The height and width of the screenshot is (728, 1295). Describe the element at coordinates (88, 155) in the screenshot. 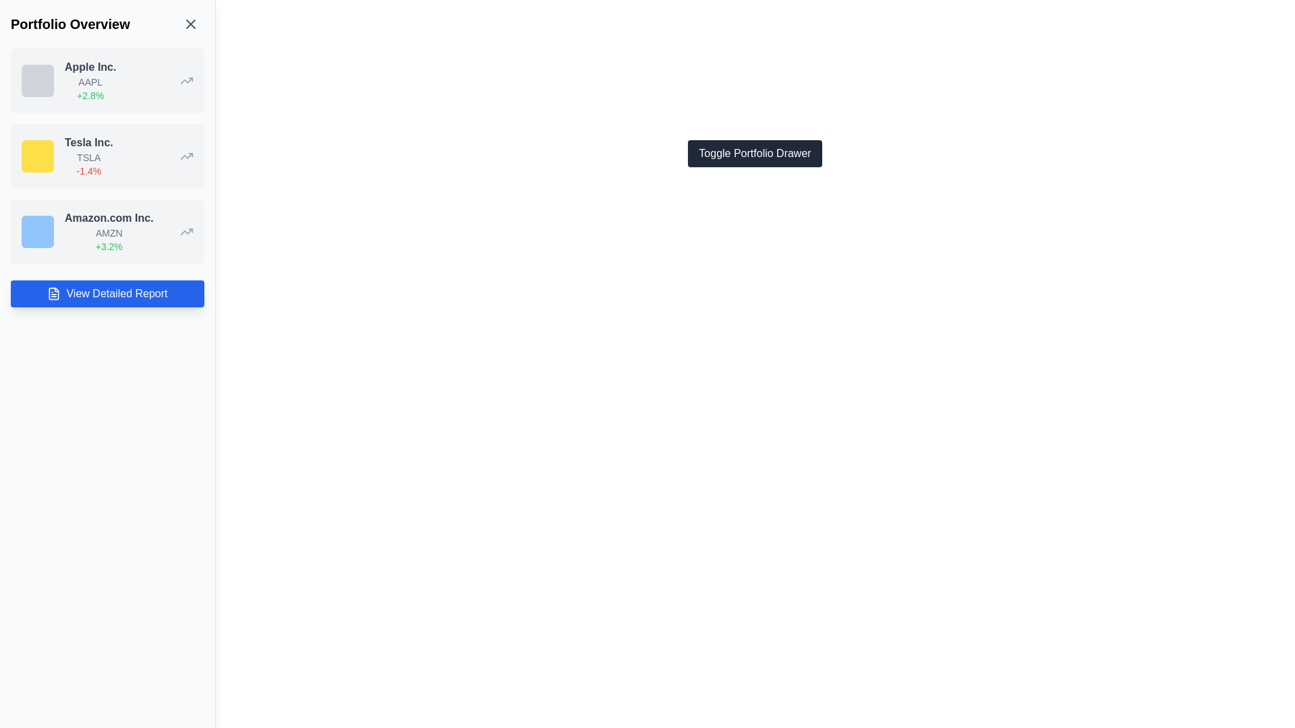

I see `the text-based informational group displaying 'Tesla Inc.' with the abbreviation 'TSLA' and the percentage '-1.4%' on the left sidebar under 'Portfolio Overview'` at that location.